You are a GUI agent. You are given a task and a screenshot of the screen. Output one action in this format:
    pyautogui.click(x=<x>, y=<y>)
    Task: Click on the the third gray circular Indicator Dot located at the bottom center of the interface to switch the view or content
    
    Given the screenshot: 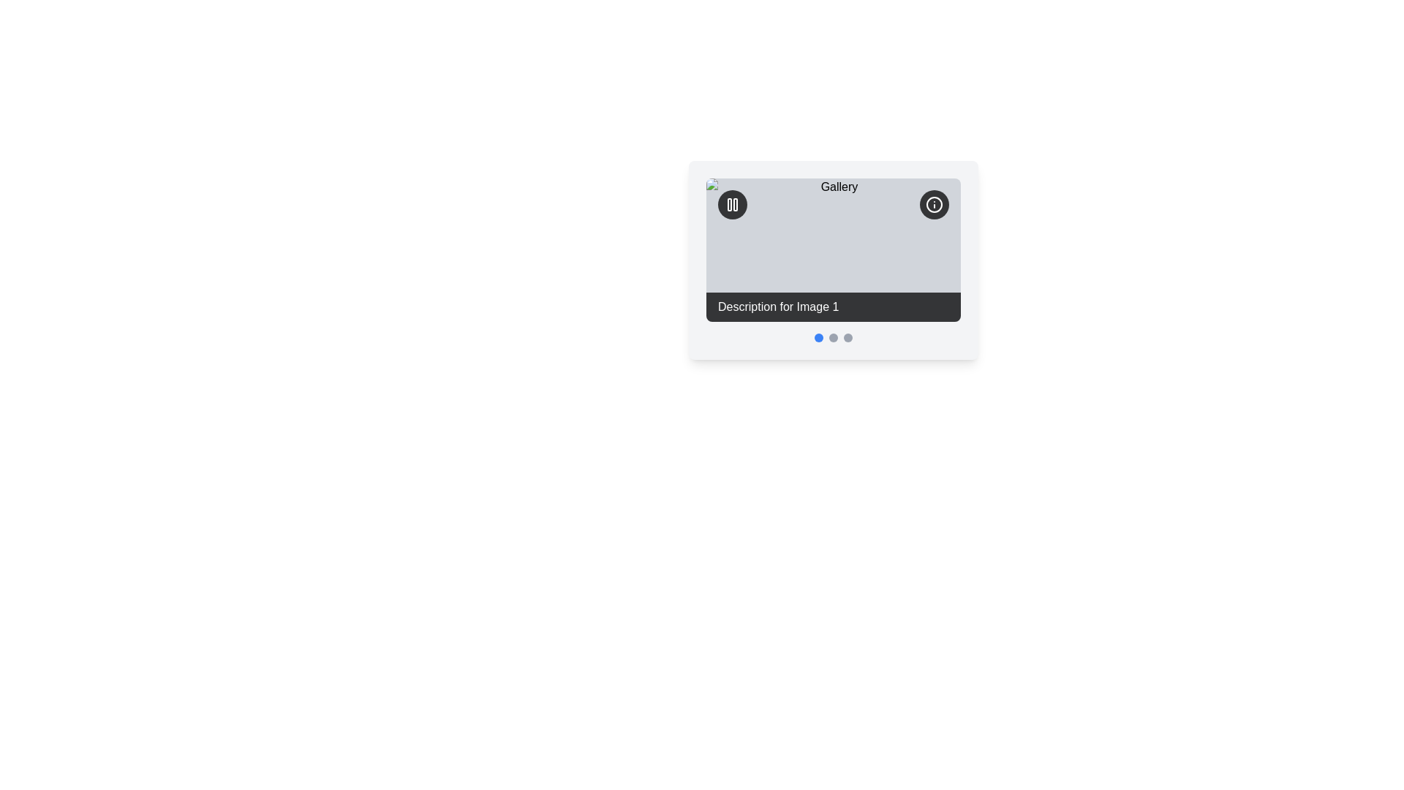 What is the action you would take?
    pyautogui.click(x=848, y=337)
    